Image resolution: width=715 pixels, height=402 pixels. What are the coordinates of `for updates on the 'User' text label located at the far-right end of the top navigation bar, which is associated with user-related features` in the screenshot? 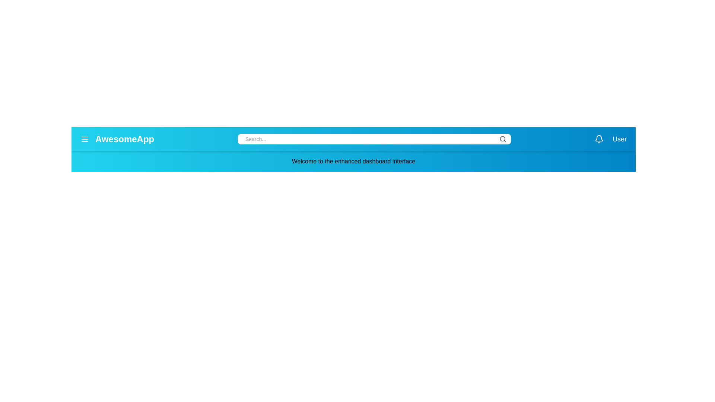 It's located at (611, 139).